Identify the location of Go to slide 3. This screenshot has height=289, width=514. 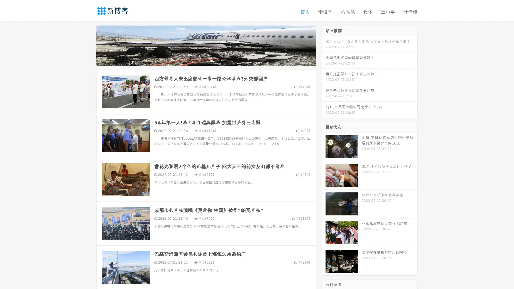
(211, 60).